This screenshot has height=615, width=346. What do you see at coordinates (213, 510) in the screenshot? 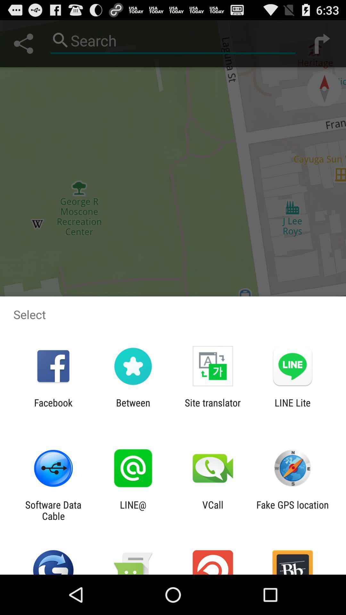
I see `vcall app` at bounding box center [213, 510].